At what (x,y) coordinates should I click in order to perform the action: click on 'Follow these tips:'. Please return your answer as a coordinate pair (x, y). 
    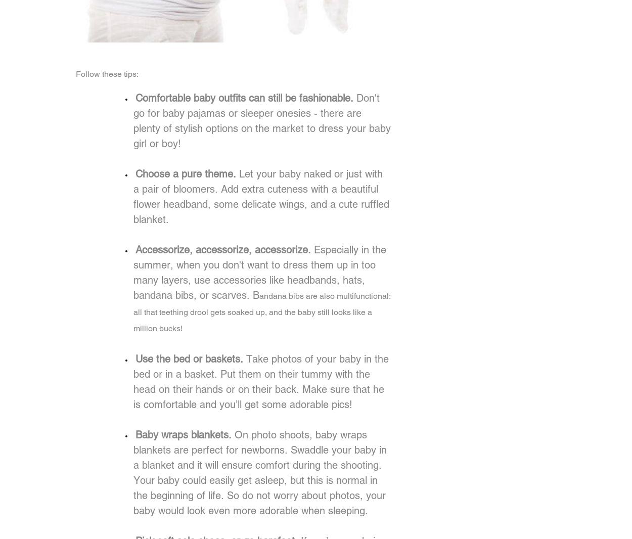
    Looking at the image, I should click on (107, 73).